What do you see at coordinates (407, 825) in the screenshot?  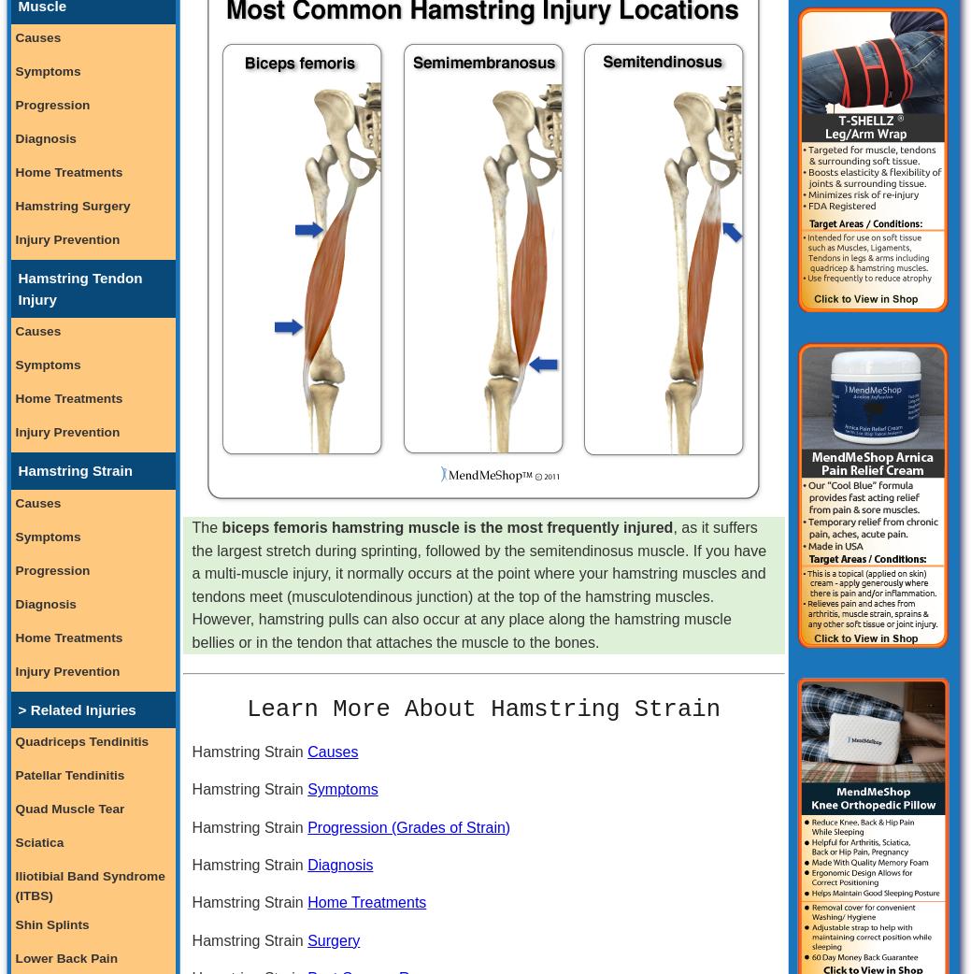 I see `'Progression (Grades of Strain)'` at bounding box center [407, 825].